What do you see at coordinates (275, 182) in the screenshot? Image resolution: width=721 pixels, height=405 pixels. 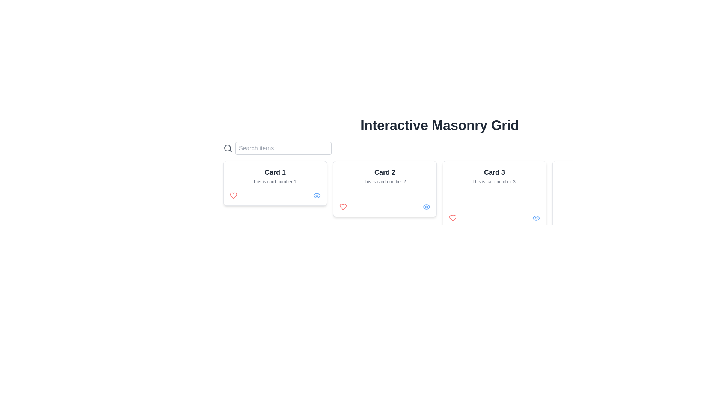 I see `the Text Label located under the heading 'Card 1' in the first card of the horizontal layout` at bounding box center [275, 182].